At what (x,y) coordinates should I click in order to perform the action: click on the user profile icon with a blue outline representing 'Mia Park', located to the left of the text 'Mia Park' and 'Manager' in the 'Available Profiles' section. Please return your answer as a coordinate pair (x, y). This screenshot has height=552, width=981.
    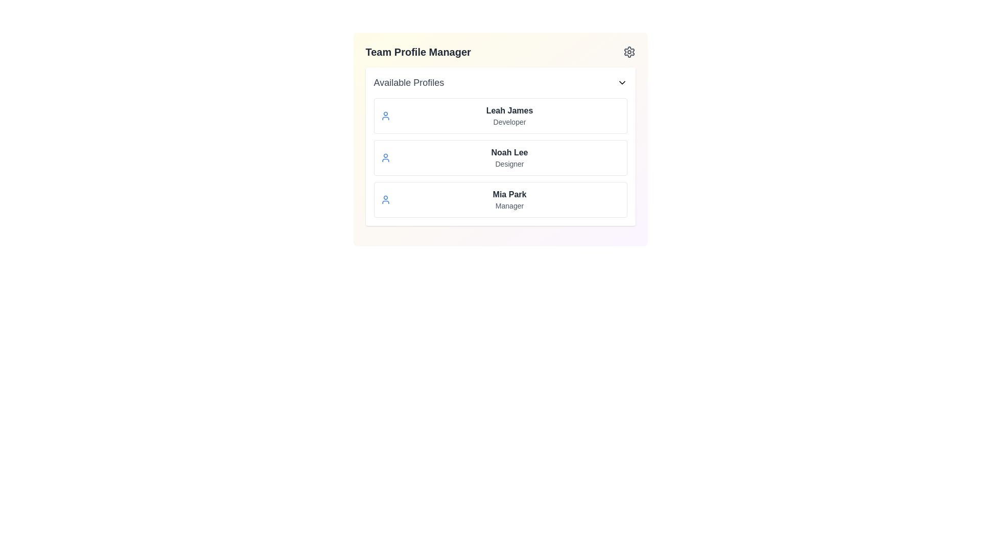
    Looking at the image, I should click on (385, 199).